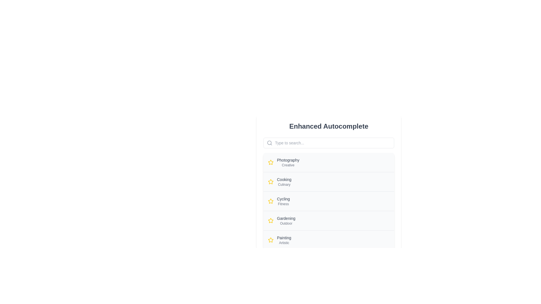  What do you see at coordinates (284, 238) in the screenshot?
I see `the Text Label positioned above the 'Artistic' label and next to the star icon in the lower segment of the list-like interface` at bounding box center [284, 238].